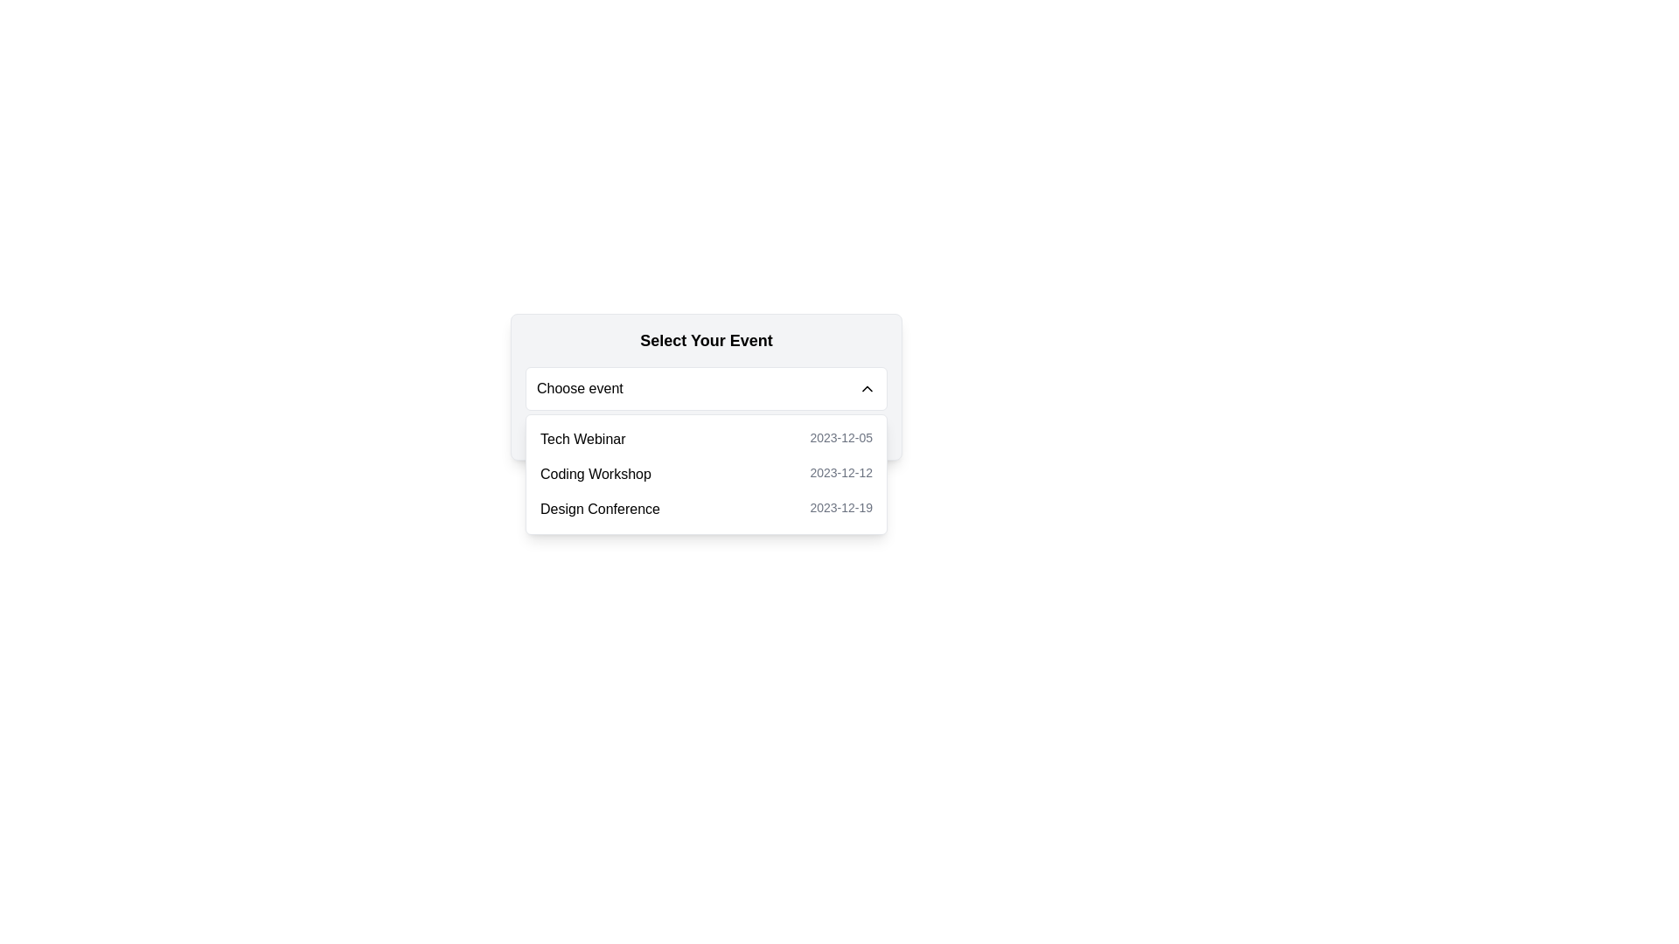 This screenshot has width=1679, height=944. Describe the element at coordinates (706, 475) in the screenshot. I see `the 'Coding Workshop' option in the dropdown menu` at that location.